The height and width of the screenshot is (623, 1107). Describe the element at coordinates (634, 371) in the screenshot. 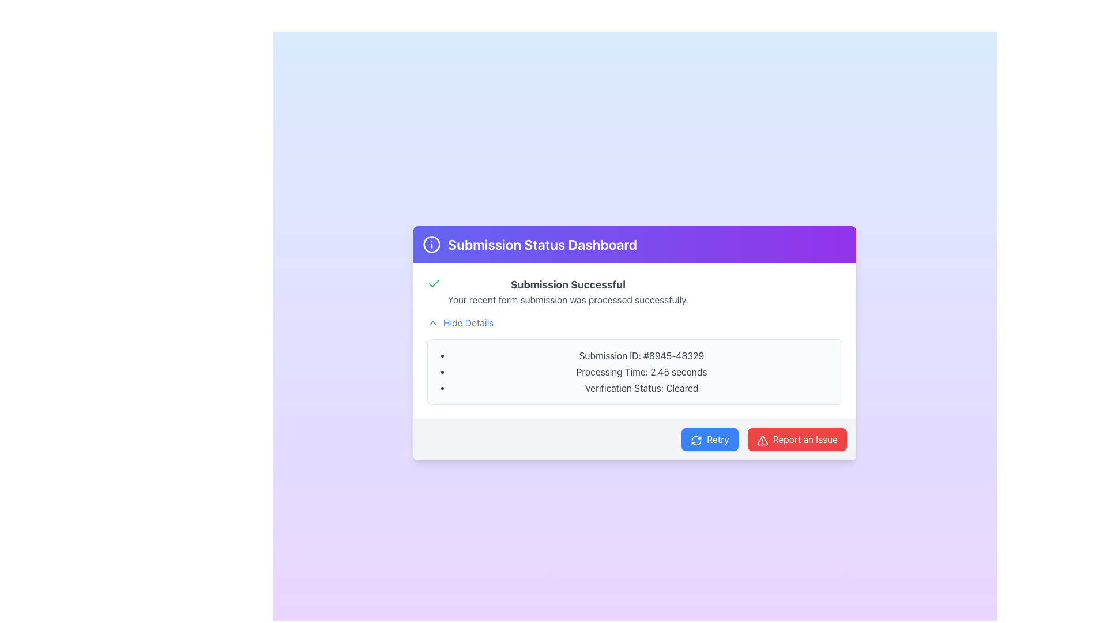

I see `the Informational display panel that shows details like 'Submission ID: #8945-48329', 'Processing Time: 2.45 seconds', and 'Verification Status: Cleared' located in the 'Submission Successful' section of the 'Submission Status Dashboard'` at that location.